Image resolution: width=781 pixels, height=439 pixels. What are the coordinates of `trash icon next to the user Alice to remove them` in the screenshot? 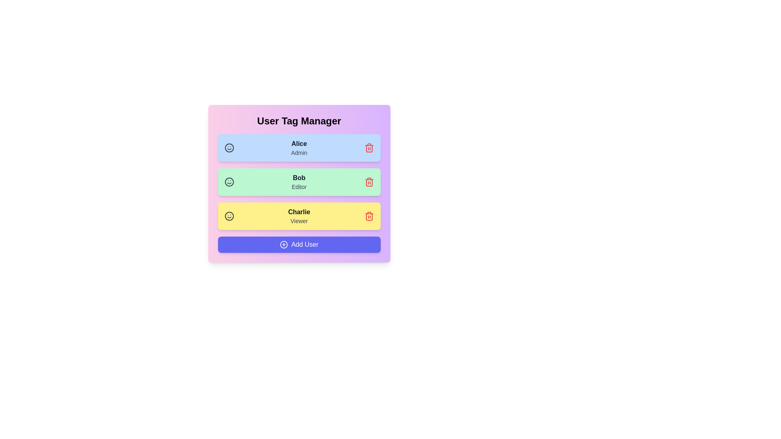 It's located at (369, 148).